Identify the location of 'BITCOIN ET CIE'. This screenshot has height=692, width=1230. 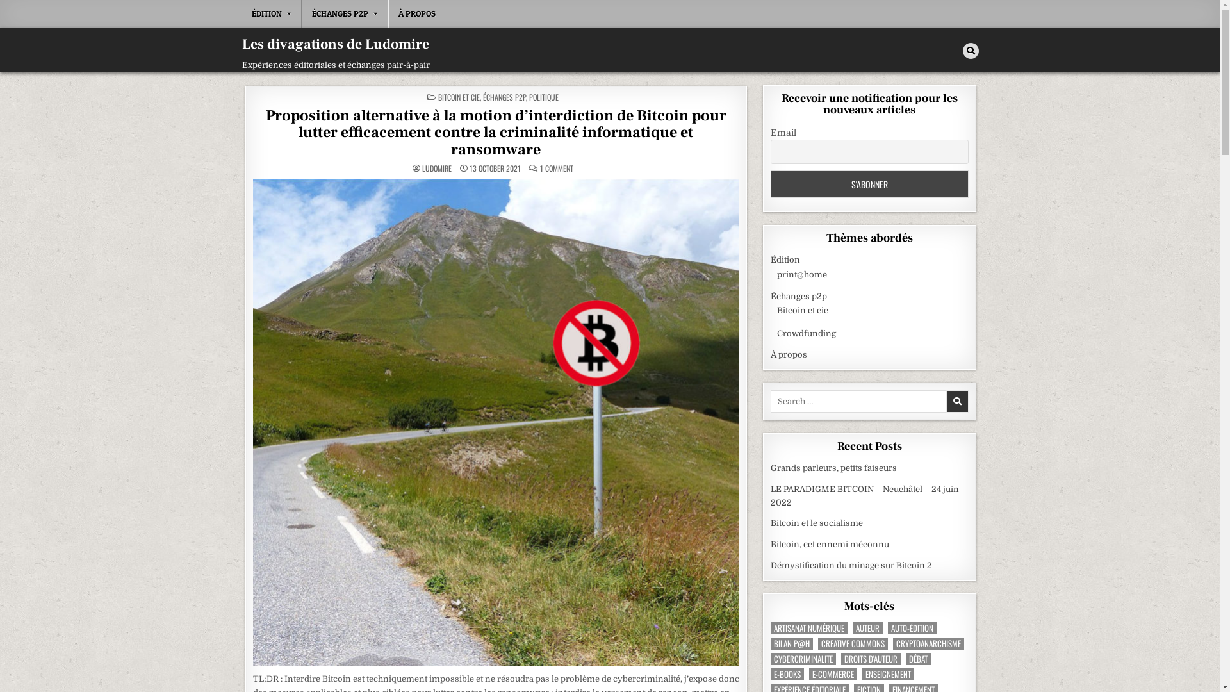
(459, 96).